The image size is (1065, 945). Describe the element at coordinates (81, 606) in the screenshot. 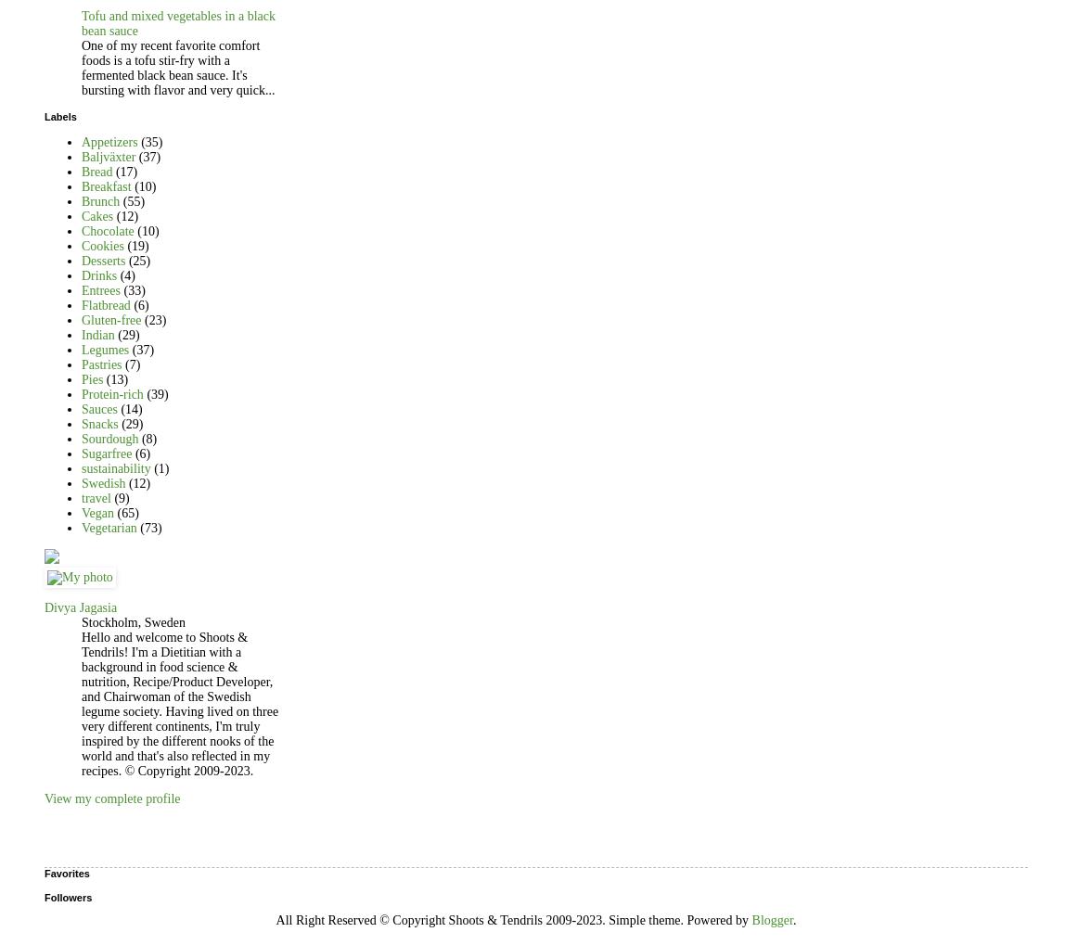

I see `'Divya Jagasia'` at that location.